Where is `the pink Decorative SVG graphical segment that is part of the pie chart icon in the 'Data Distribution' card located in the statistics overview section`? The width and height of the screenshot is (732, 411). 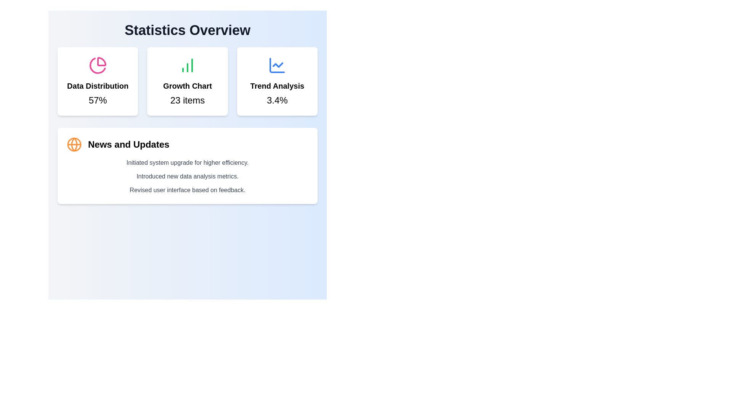
the pink Decorative SVG graphical segment that is part of the pie chart icon in the 'Data Distribution' card located in the statistics overview section is located at coordinates (97, 65).